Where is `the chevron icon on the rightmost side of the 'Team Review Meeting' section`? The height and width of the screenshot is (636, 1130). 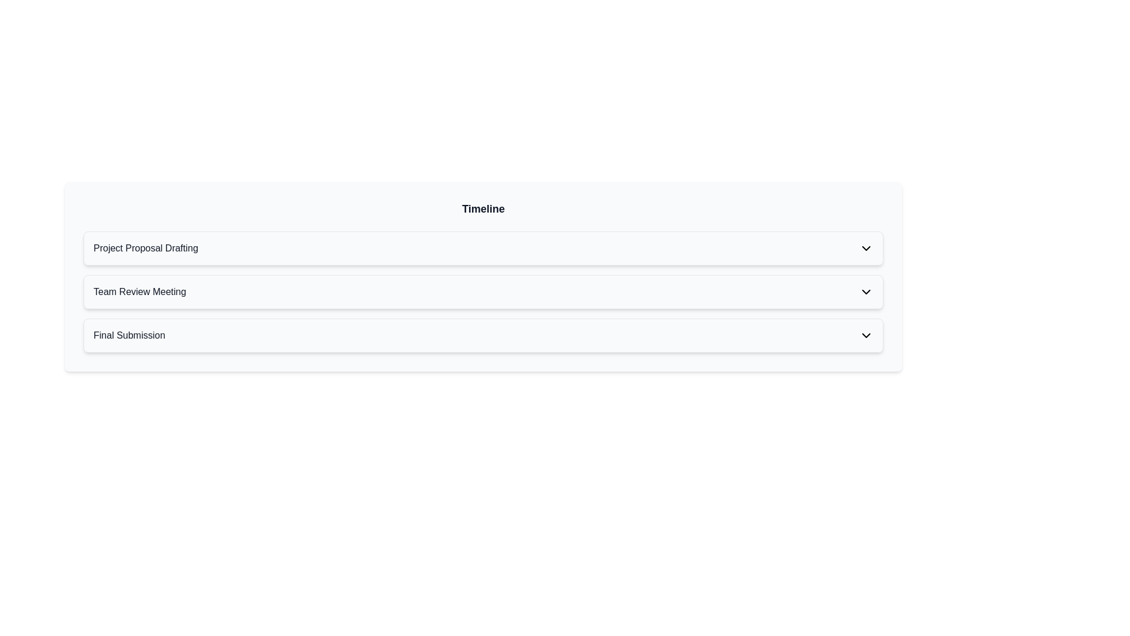 the chevron icon on the rightmost side of the 'Team Review Meeting' section is located at coordinates (866, 291).